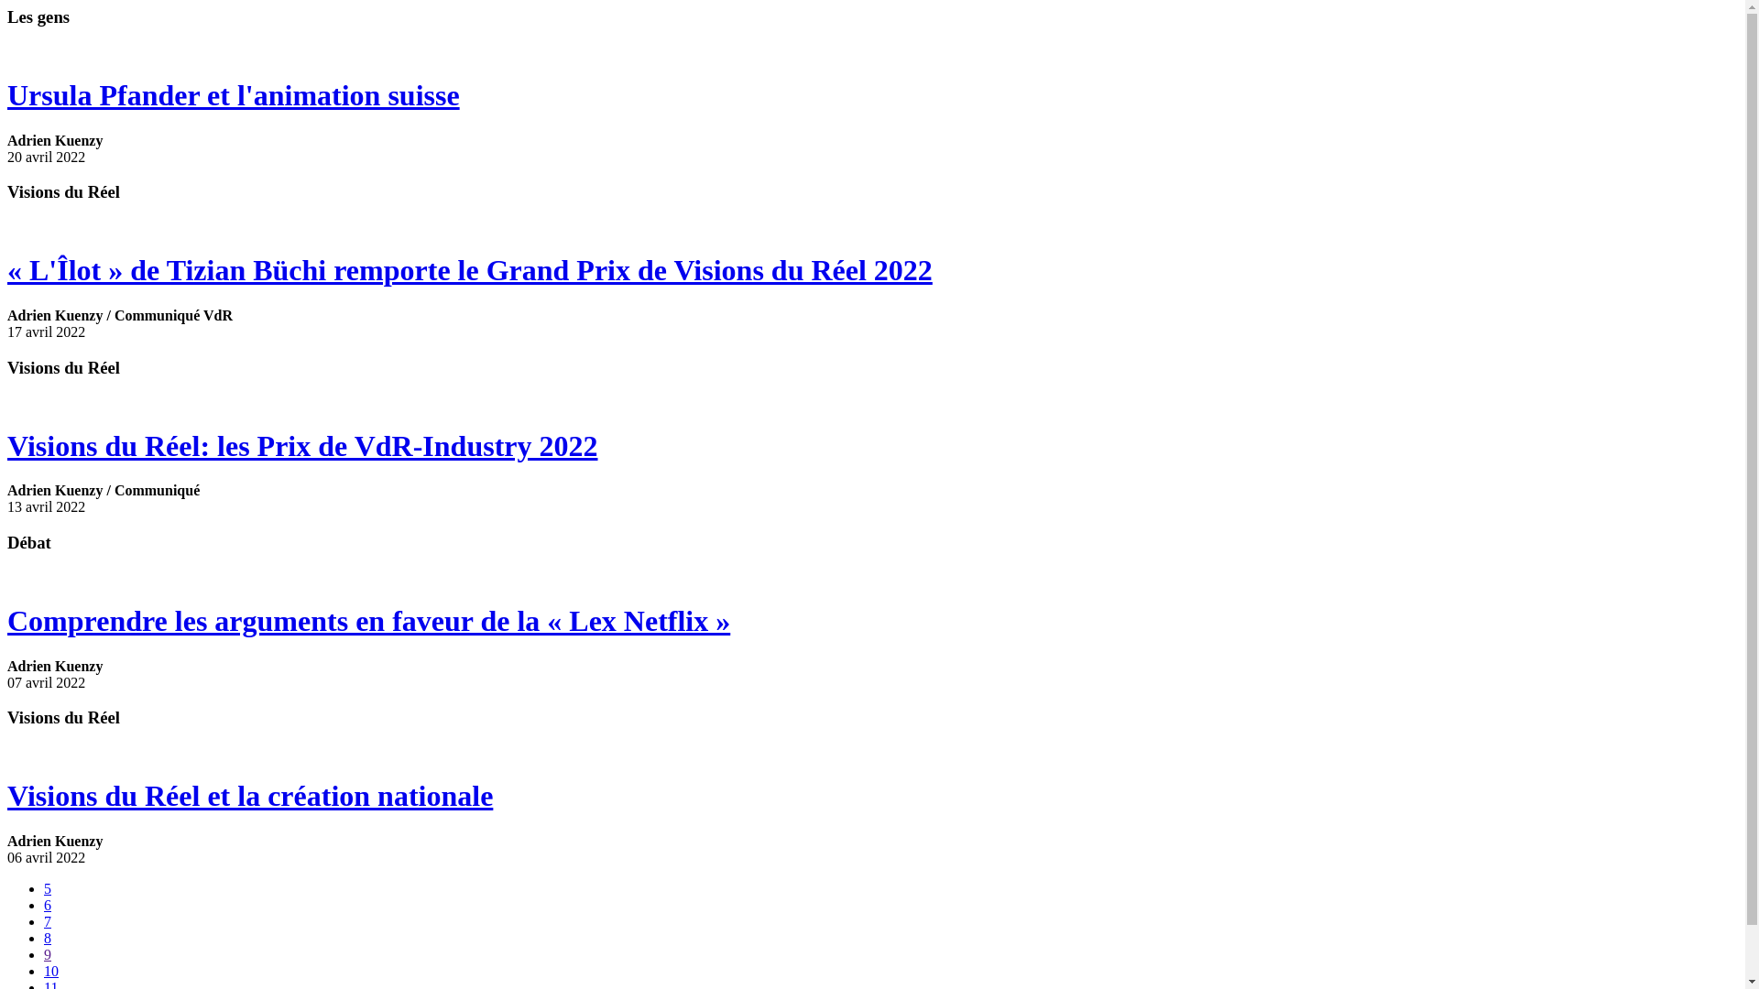 This screenshot has width=1759, height=989. What do you see at coordinates (871, 95) in the screenshot?
I see `'Ursula Pfander et l'animation suisse'` at bounding box center [871, 95].